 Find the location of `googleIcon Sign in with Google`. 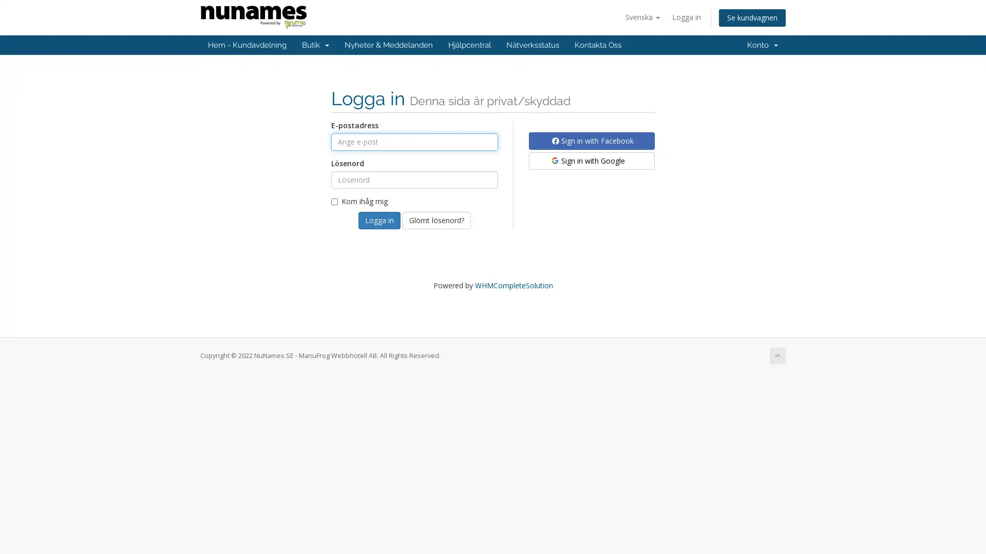

googleIcon Sign in with Google is located at coordinates (592, 161).